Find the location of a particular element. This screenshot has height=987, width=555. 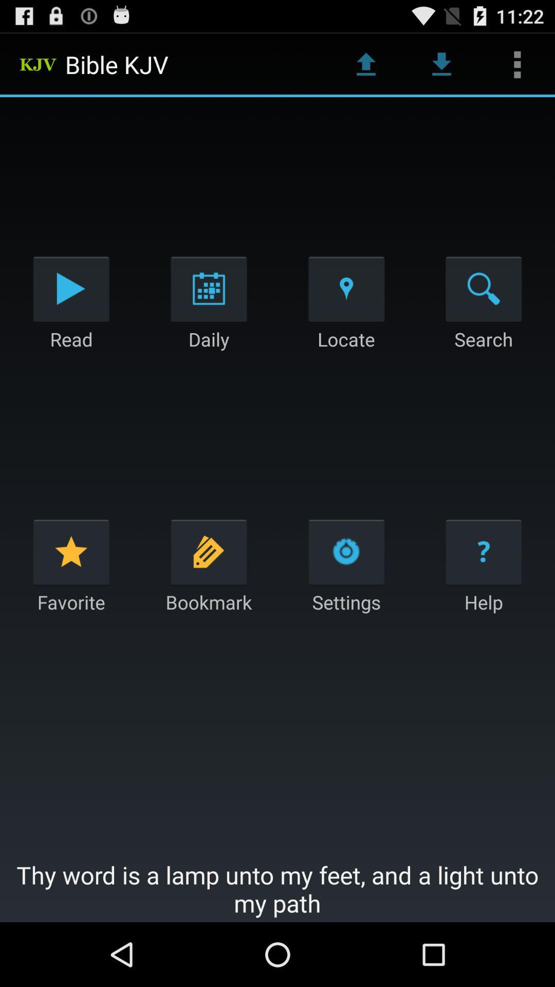

the star icon is located at coordinates (70, 590).